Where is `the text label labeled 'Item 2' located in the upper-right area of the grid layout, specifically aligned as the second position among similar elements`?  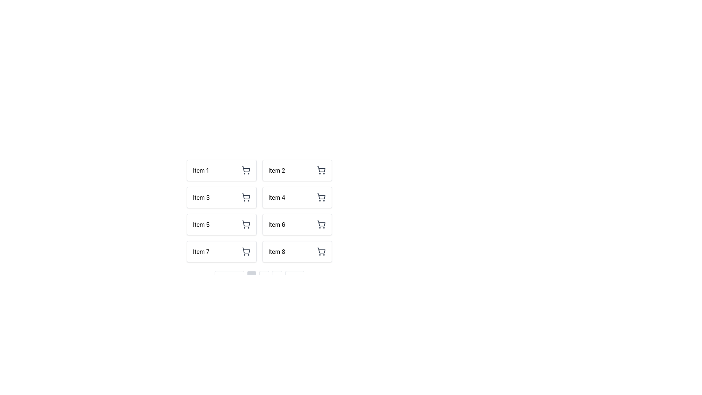
the text label labeled 'Item 2' located in the upper-right area of the grid layout, specifically aligned as the second position among similar elements is located at coordinates (276, 170).